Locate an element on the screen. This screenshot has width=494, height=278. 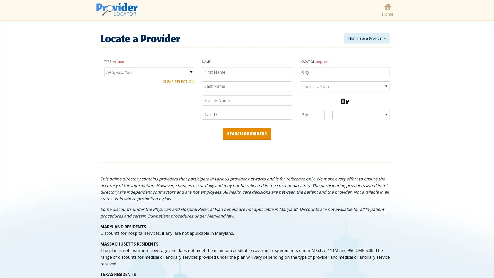
Search Providers is located at coordinates (247, 133).